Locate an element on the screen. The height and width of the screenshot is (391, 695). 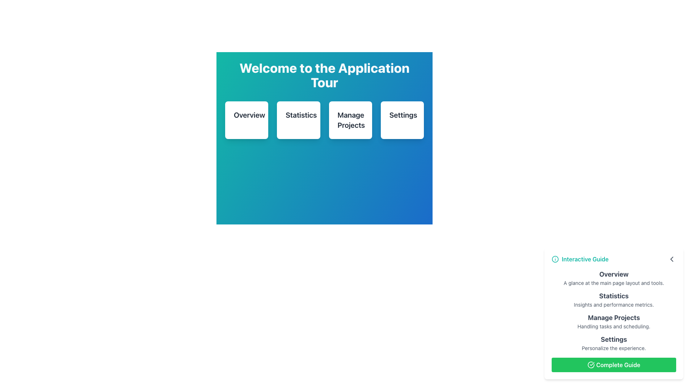
the Text Grouping element that serves as the informational section header for the 'Settings' category, positioned above the 'Complete Guide' button in the side panel is located at coordinates (613, 343).